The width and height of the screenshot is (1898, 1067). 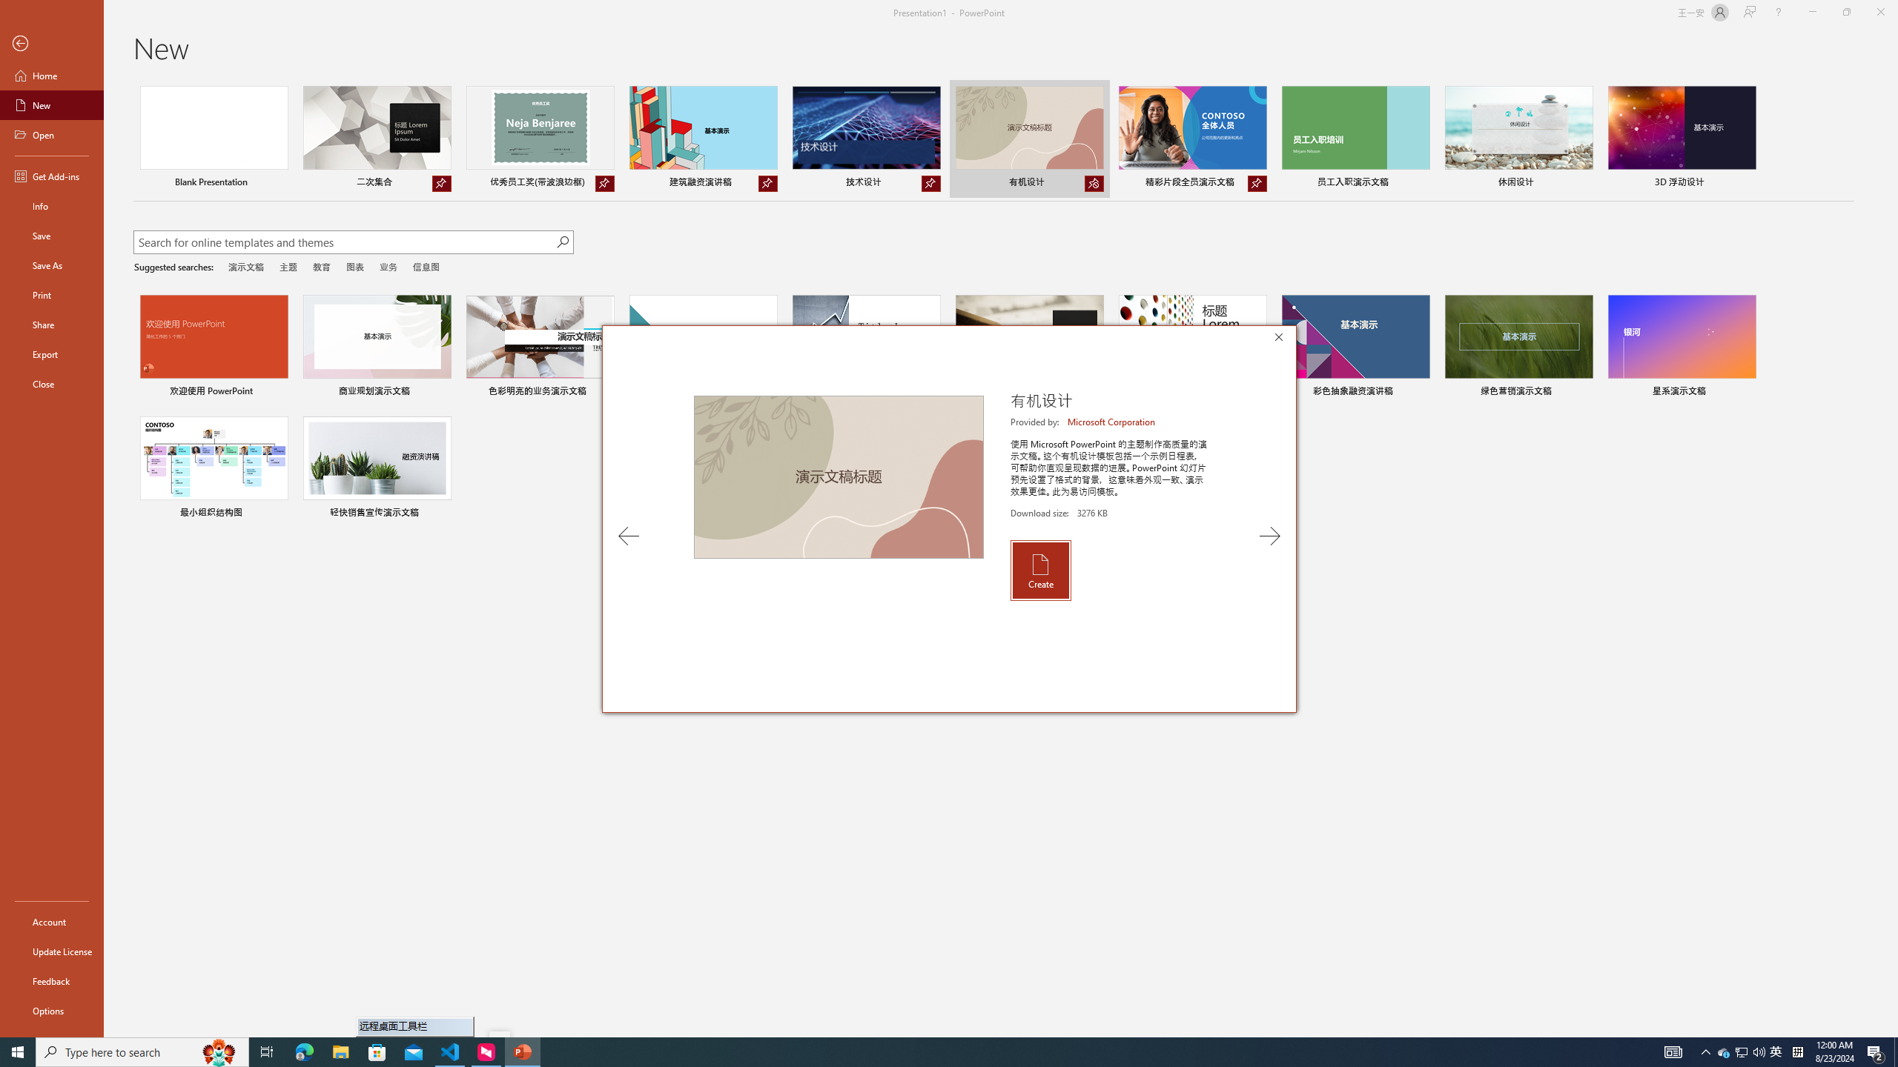 I want to click on 'Update License', so click(x=51, y=951).